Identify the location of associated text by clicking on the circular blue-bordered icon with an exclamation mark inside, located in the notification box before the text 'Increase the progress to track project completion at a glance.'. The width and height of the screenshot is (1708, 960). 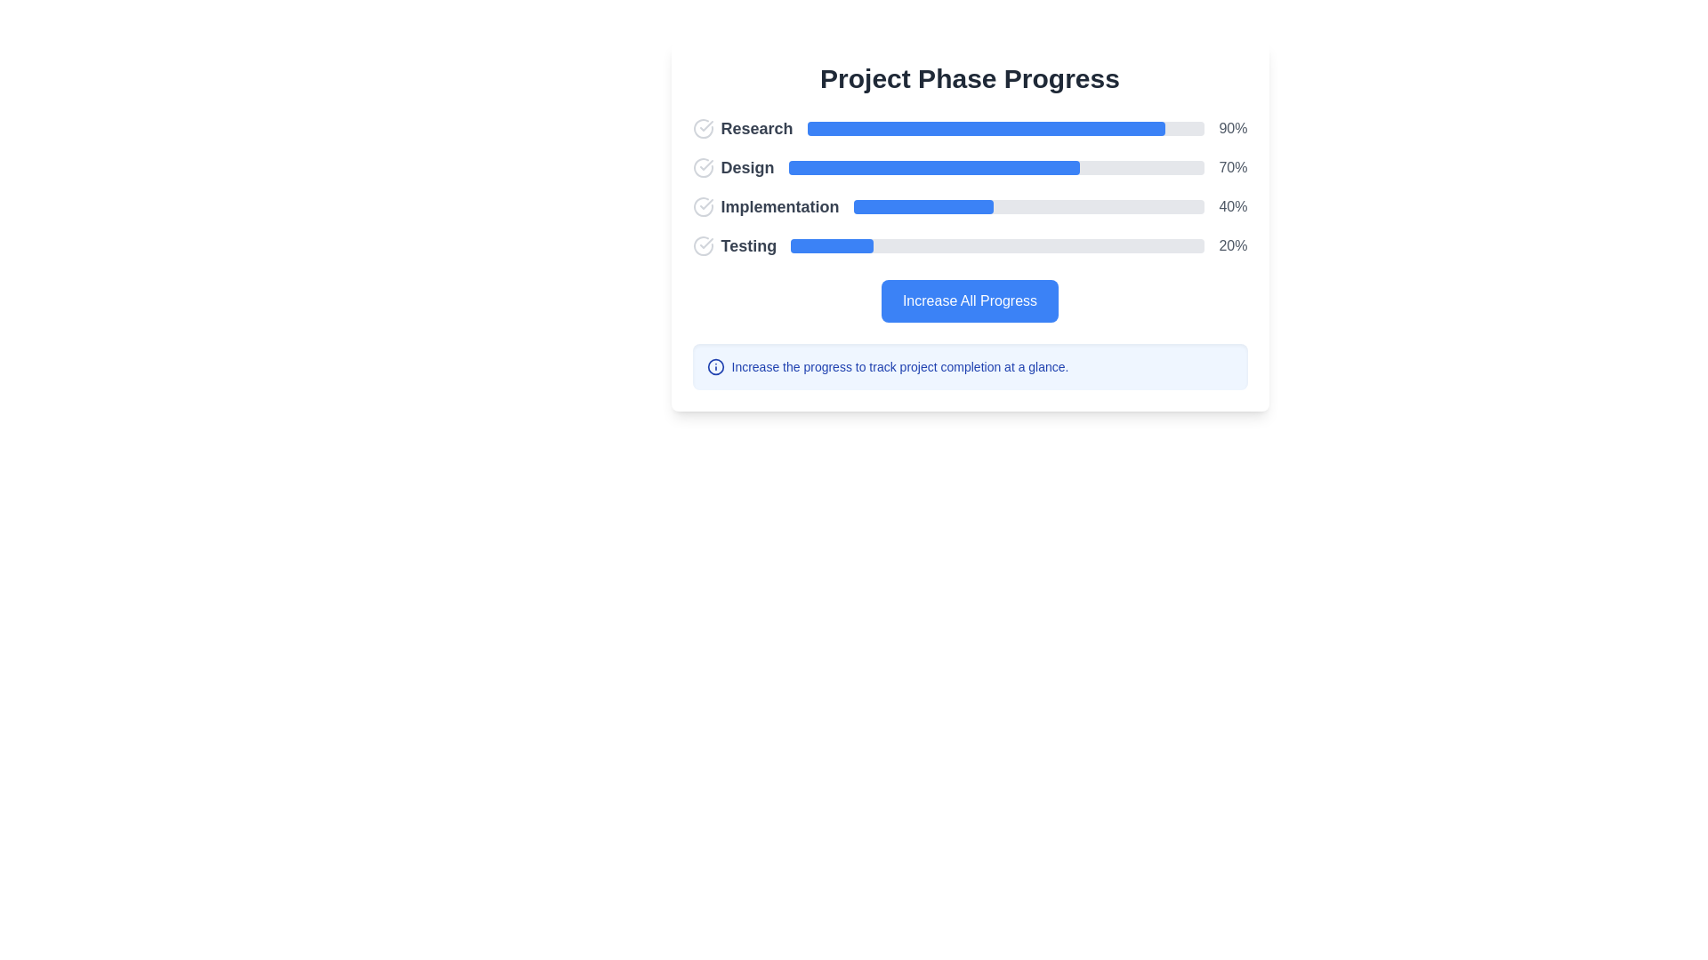
(715, 365).